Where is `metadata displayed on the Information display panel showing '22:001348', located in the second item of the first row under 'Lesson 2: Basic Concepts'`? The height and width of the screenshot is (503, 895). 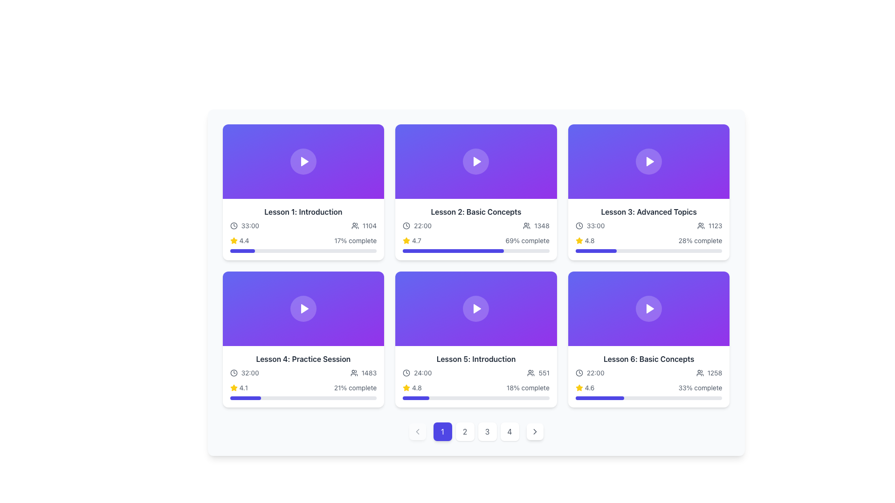
metadata displayed on the Information display panel showing '22:001348', located in the second item of the first row under 'Lesson 2: Basic Concepts' is located at coordinates (476, 226).